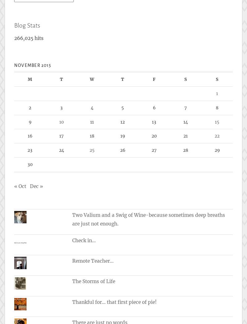  I want to click on '15', so click(216, 121).